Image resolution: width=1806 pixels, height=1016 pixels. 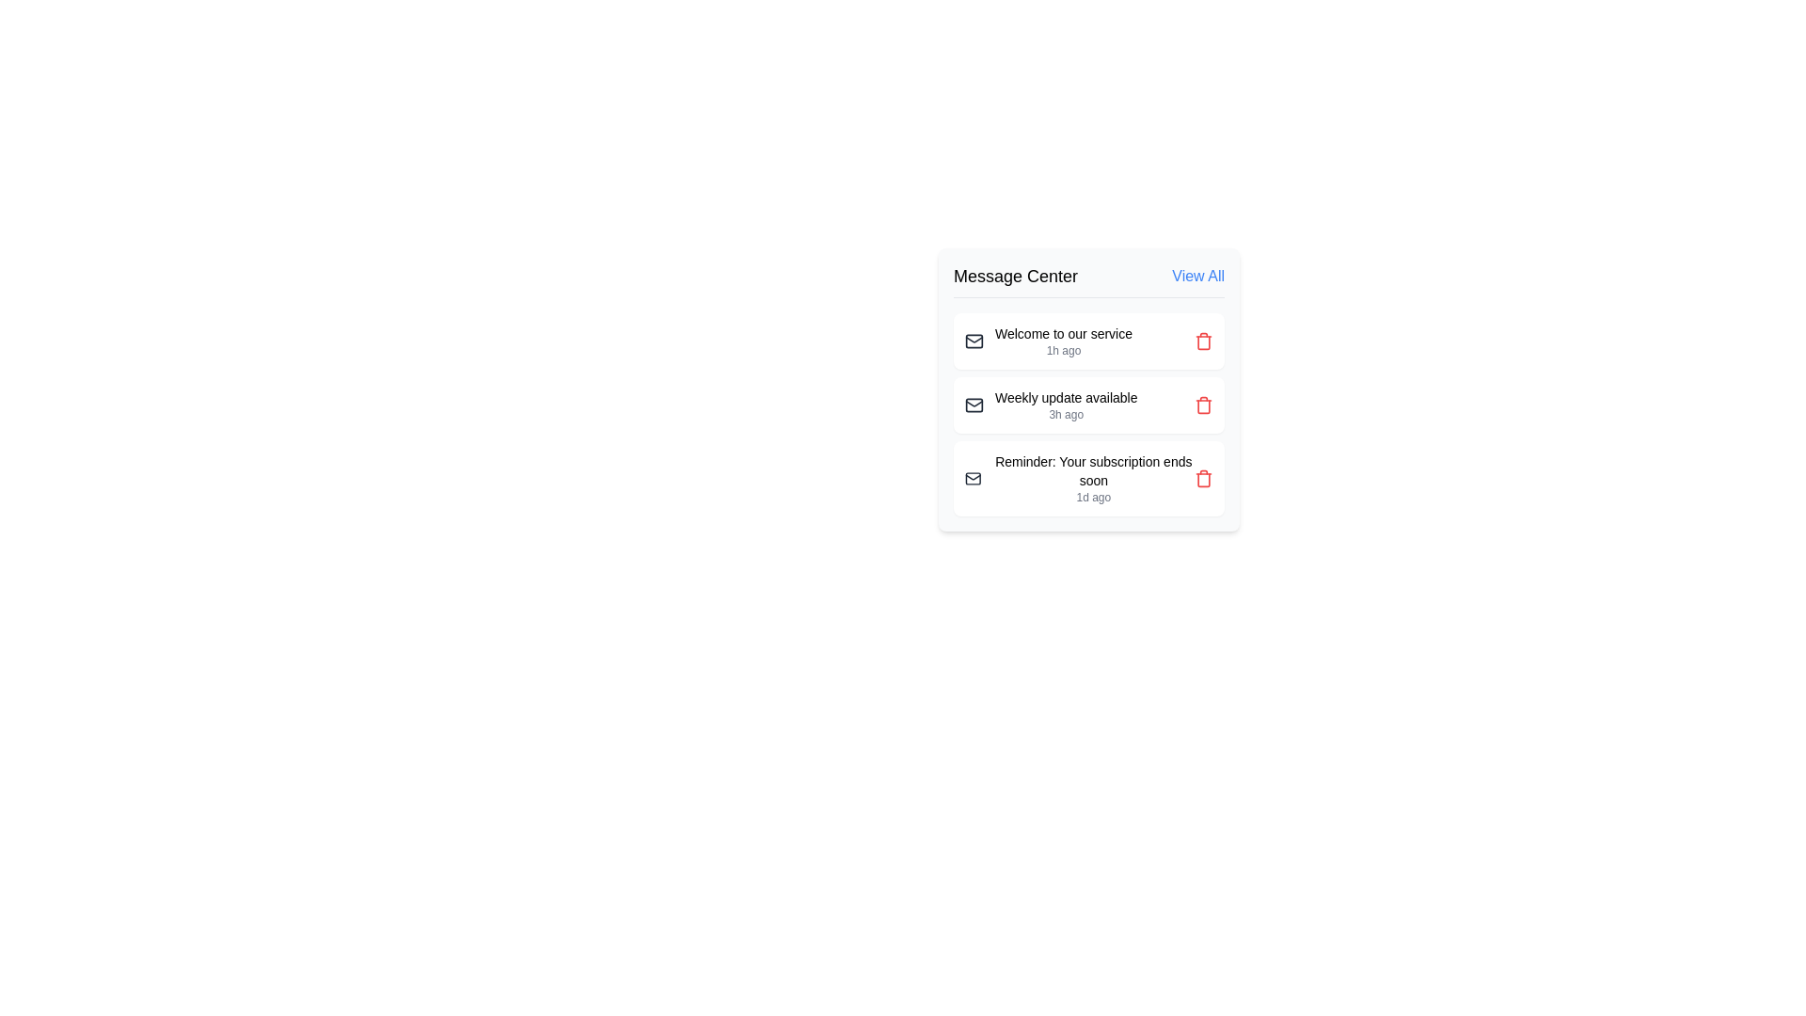 I want to click on the delete button associated with the 'Weekly update available' notification to check for a tooltip, so click(x=1204, y=405).